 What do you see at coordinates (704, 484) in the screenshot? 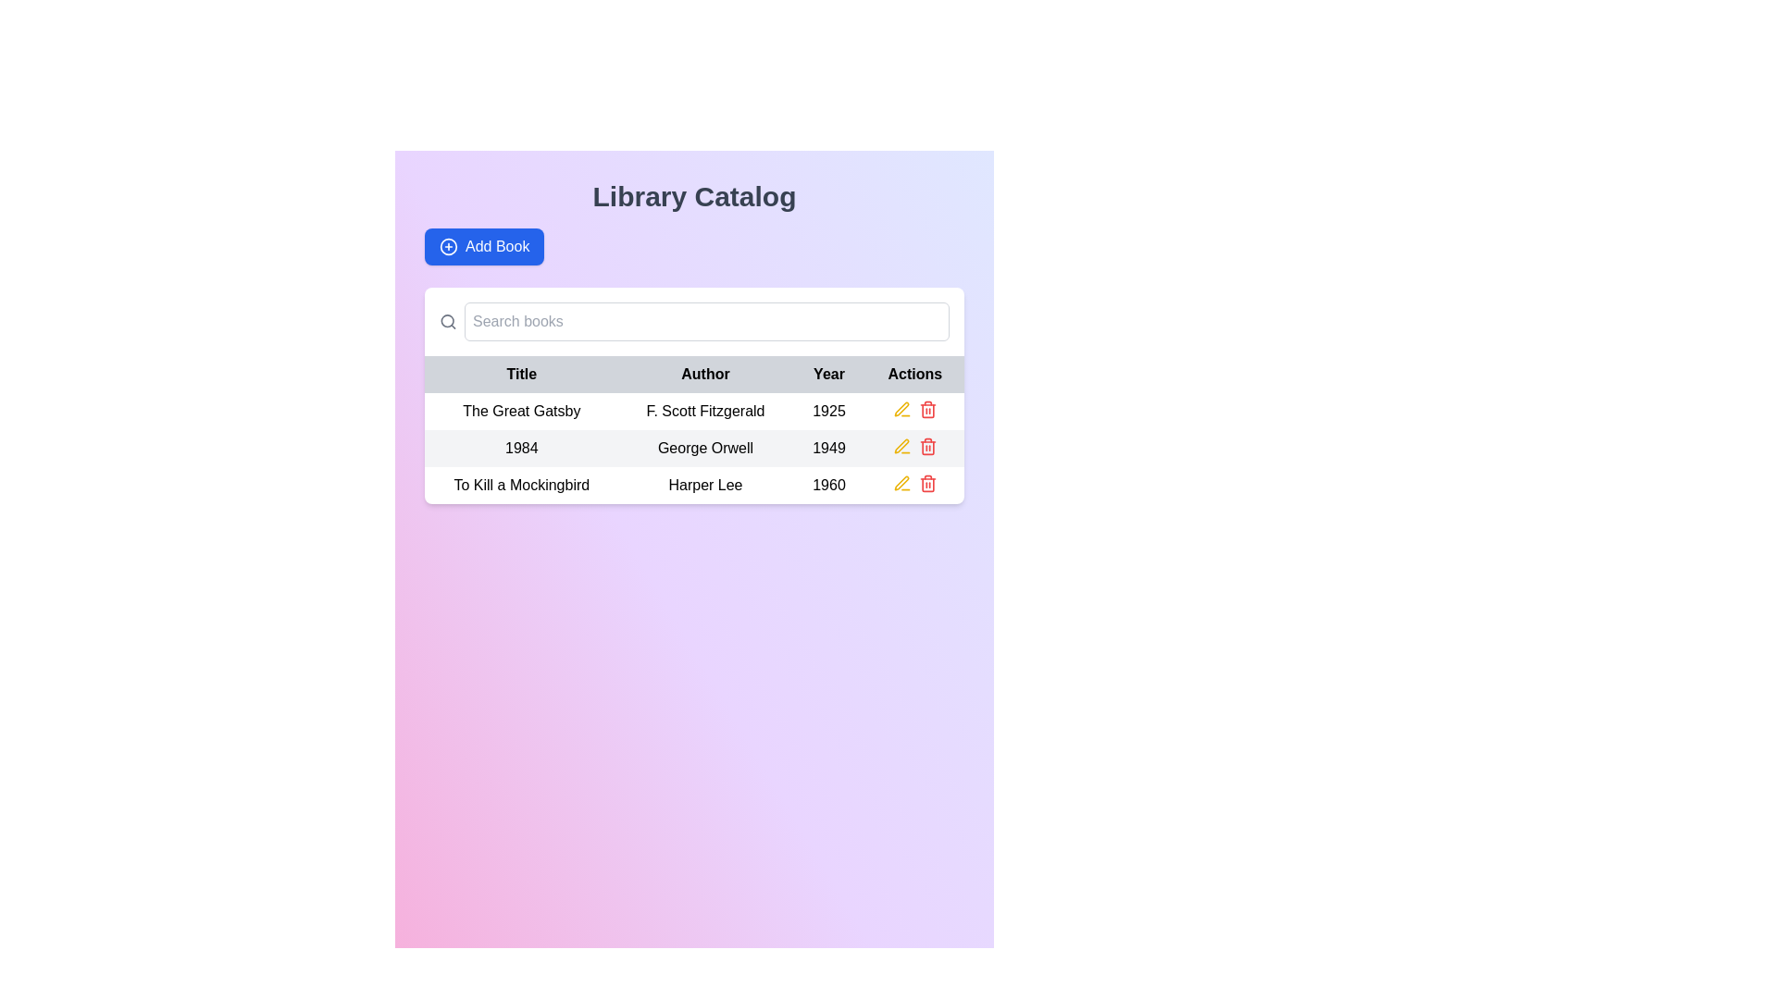
I see `the text label displaying 'Harper Lee' located in the second column, second row of the table in the 'Author' column` at bounding box center [704, 484].